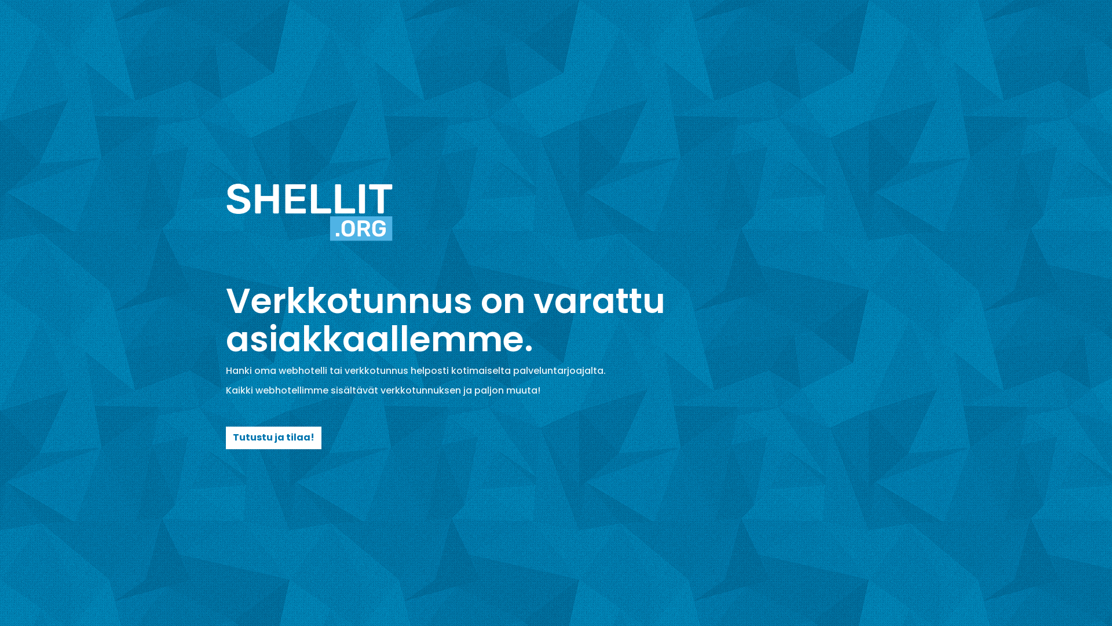 Image resolution: width=1112 pixels, height=626 pixels. I want to click on 'Tutustu ja tilaa!', so click(273, 438).